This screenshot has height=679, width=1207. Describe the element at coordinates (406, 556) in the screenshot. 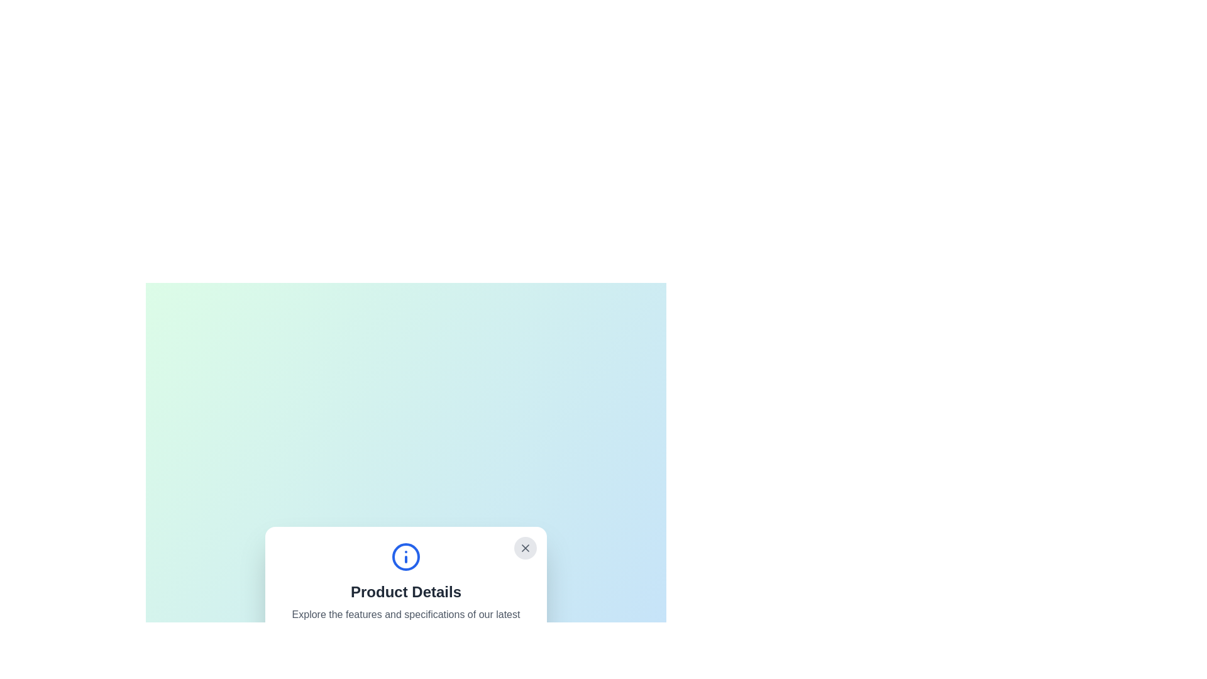

I see `circular graphical element that is part of the 'Product Details' pop-up window for design-related purposes` at that location.